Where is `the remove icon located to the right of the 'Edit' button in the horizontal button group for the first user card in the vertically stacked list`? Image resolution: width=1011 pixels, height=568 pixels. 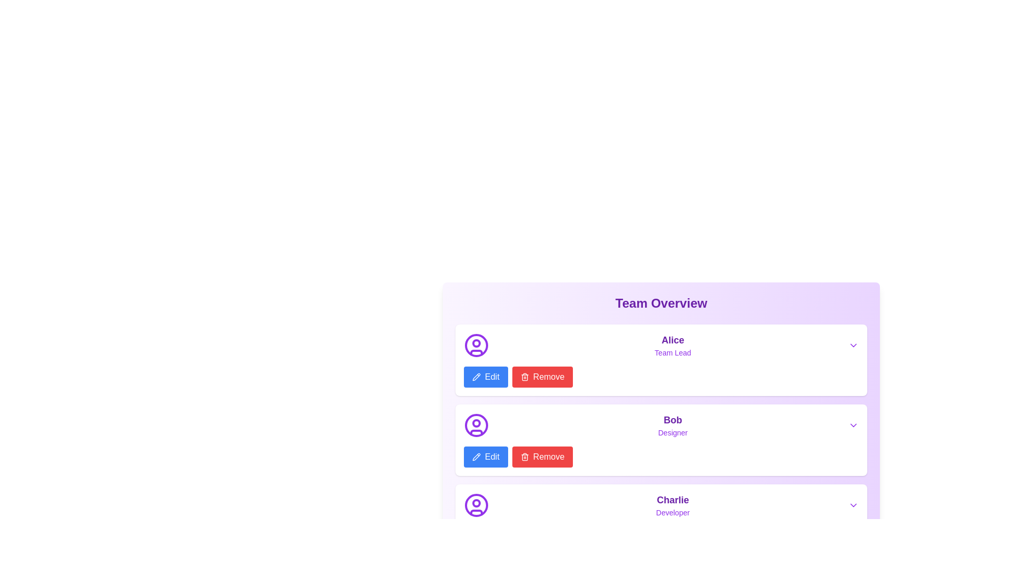 the remove icon located to the right of the 'Edit' button in the horizontal button group for the first user card in the vertically stacked list is located at coordinates (524, 377).